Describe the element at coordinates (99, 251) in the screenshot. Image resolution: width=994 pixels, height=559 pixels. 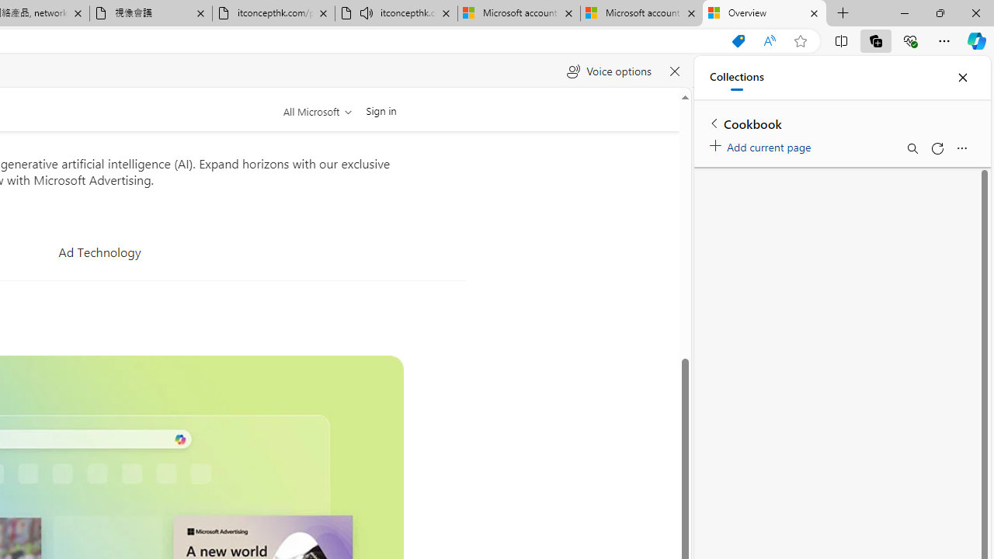
I see `'Ad Technology'` at that location.